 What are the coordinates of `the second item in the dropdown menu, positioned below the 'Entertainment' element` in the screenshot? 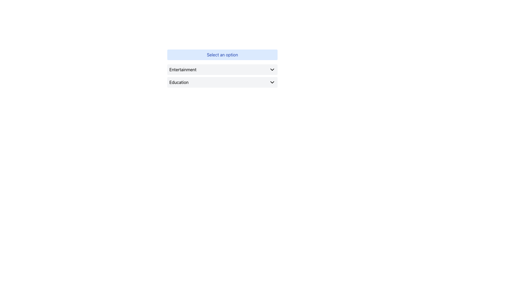 It's located at (222, 82).